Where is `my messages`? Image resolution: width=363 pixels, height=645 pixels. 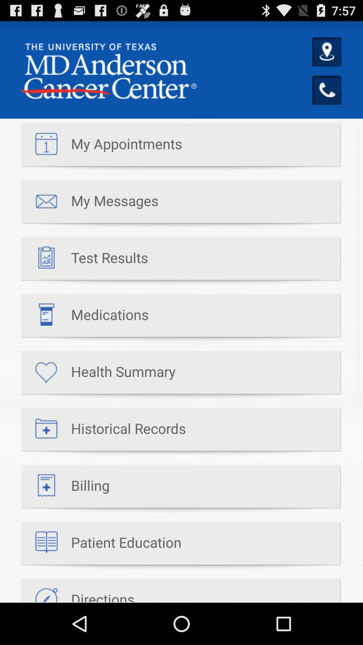 my messages is located at coordinates (89, 204).